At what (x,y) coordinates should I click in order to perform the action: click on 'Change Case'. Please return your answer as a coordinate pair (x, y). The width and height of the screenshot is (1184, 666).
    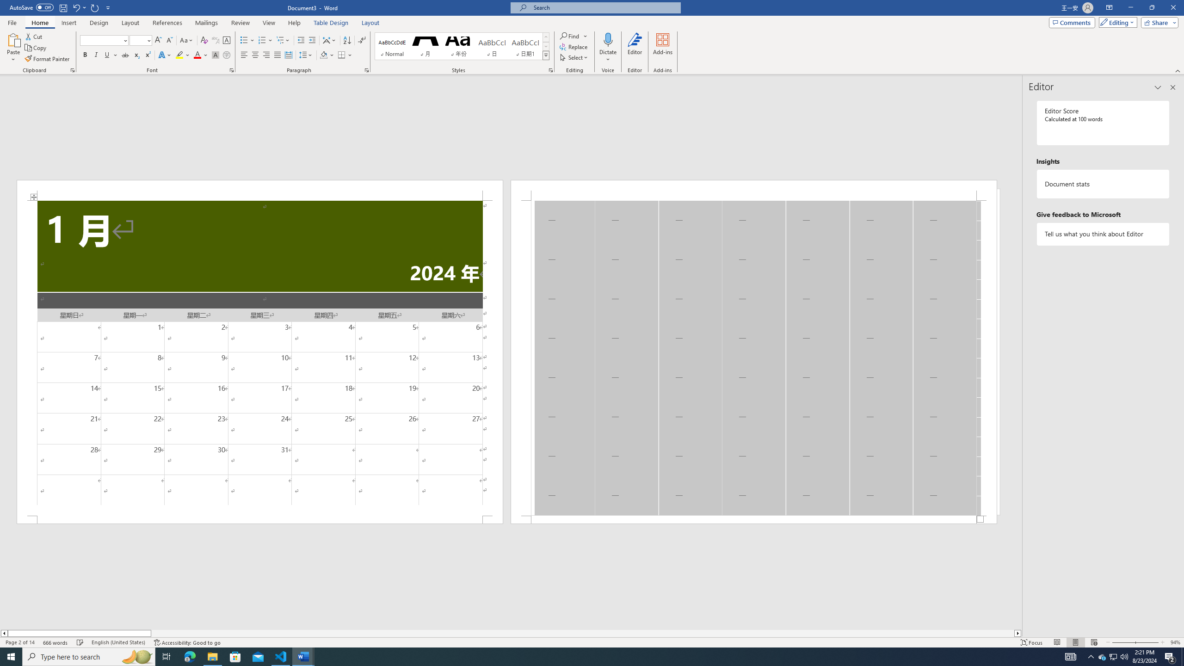
    Looking at the image, I should click on (186, 40).